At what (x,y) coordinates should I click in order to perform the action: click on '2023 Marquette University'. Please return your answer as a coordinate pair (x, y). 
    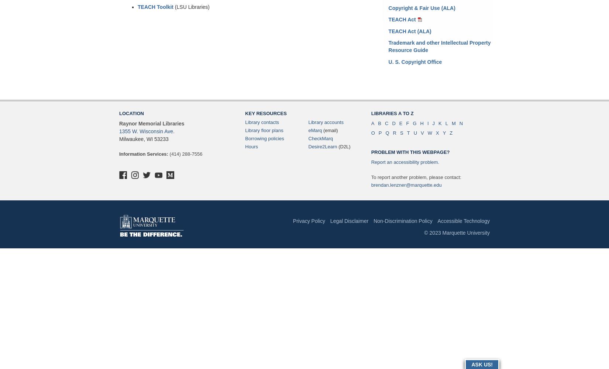
    Looking at the image, I should click on (458, 233).